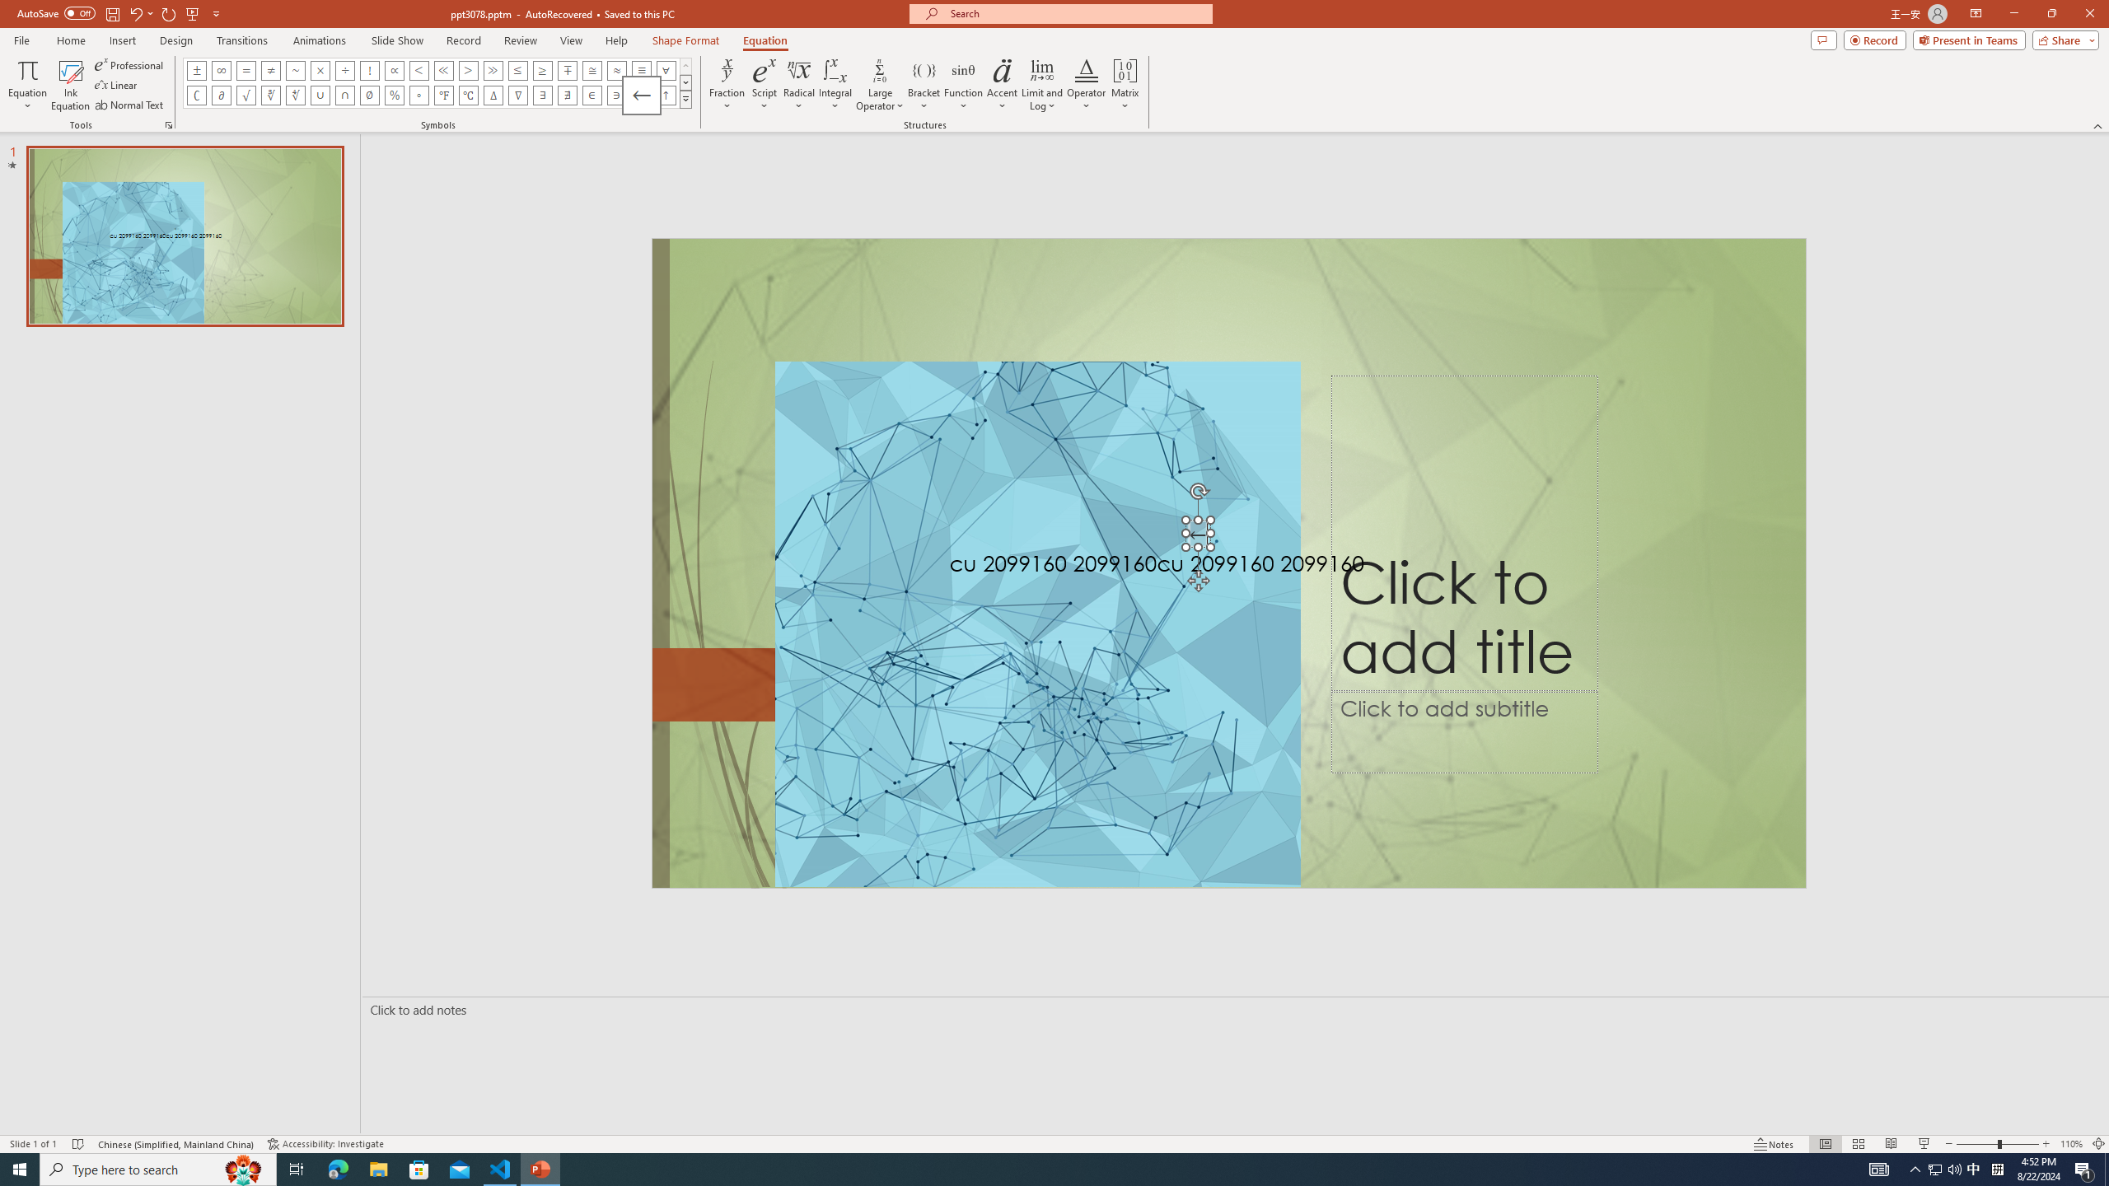 This screenshot has width=2109, height=1186. I want to click on 'Equation', so click(765, 40).